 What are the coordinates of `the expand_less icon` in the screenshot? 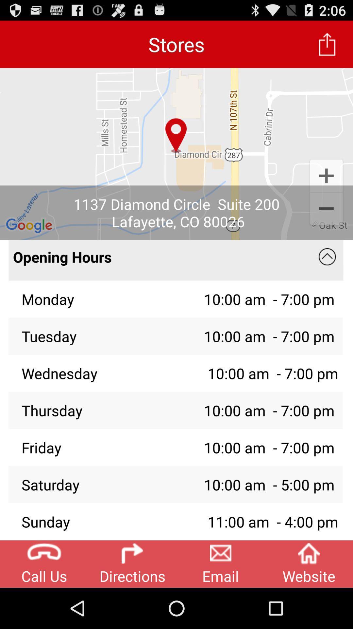 It's located at (327, 275).